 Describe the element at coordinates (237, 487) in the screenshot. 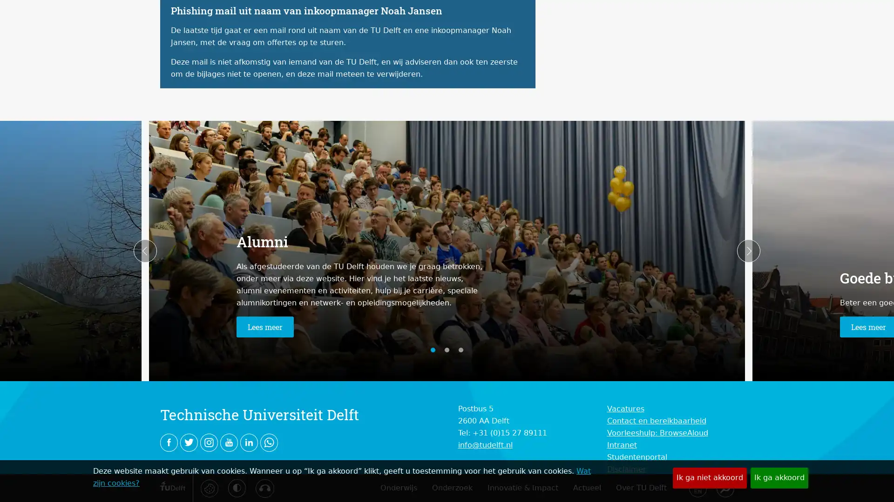

I see `Activeer hoog contrast` at that location.